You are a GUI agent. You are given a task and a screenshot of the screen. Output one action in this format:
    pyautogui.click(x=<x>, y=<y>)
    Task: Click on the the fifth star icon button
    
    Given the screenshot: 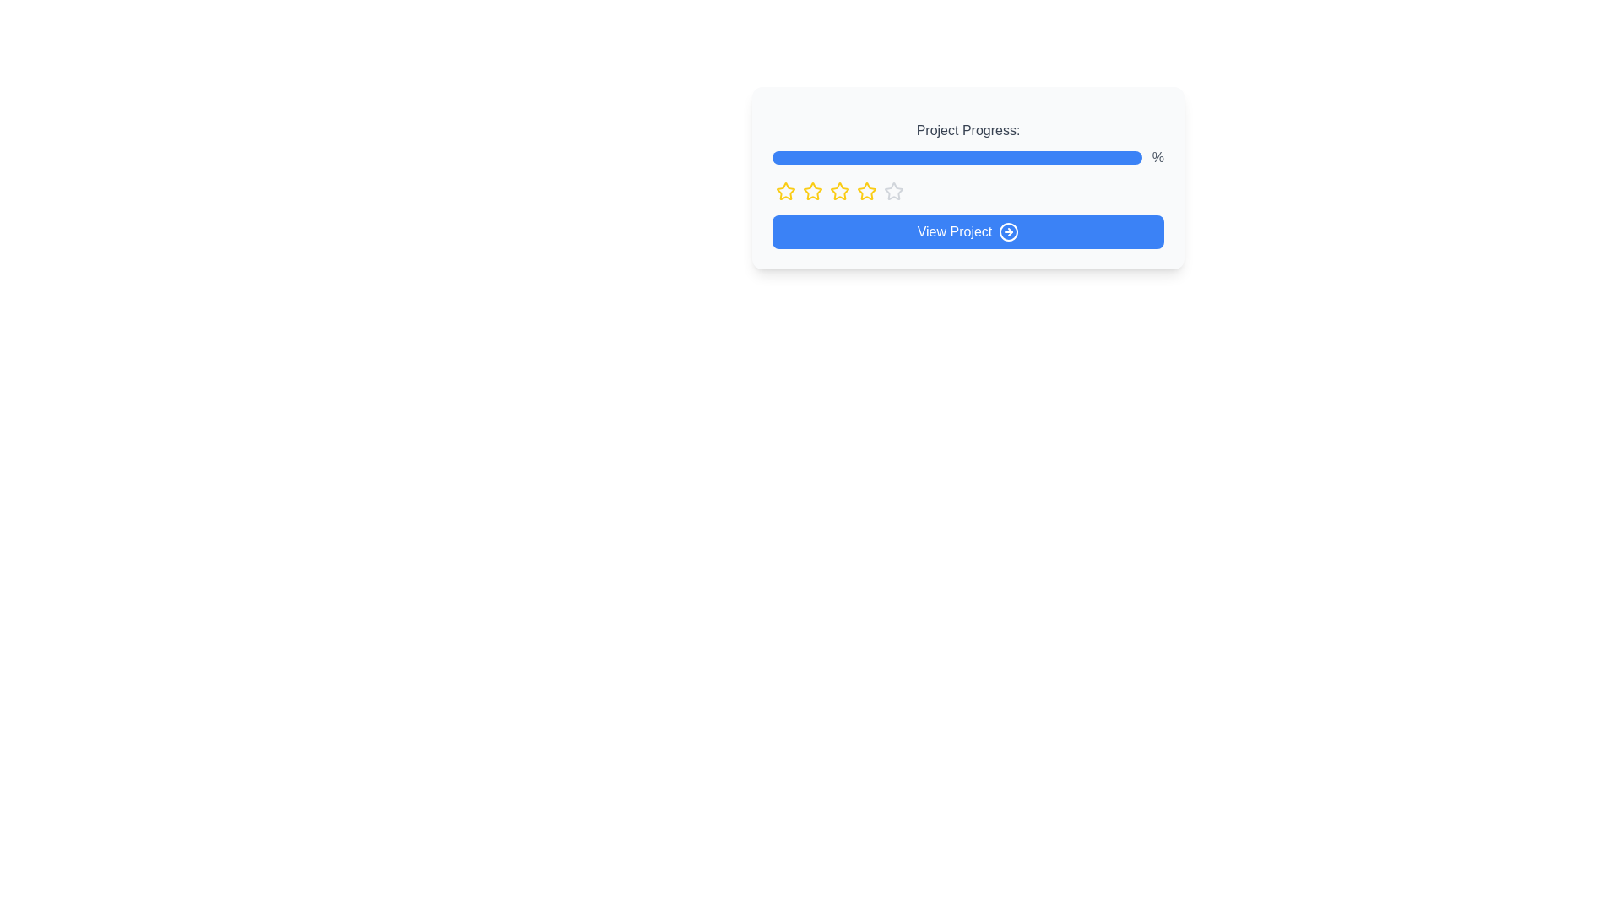 What is the action you would take?
    pyautogui.click(x=893, y=191)
    